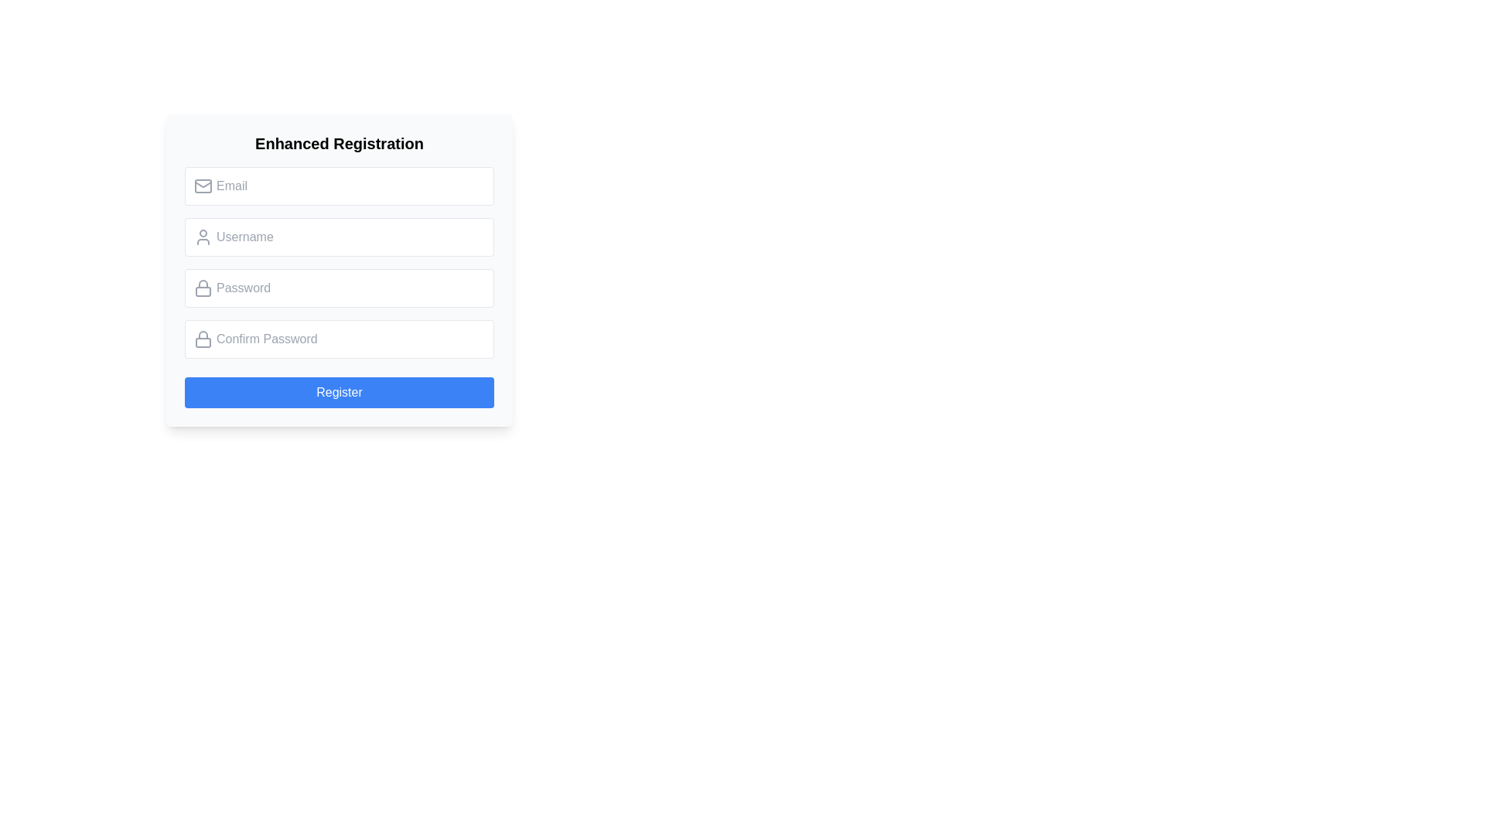 The height and width of the screenshot is (835, 1485). What do you see at coordinates (203, 339) in the screenshot?
I see `the password confirmation icon located on the left side of the 'Confirm Password' text input field in the registration interface, which indicates the purpose of the field` at bounding box center [203, 339].